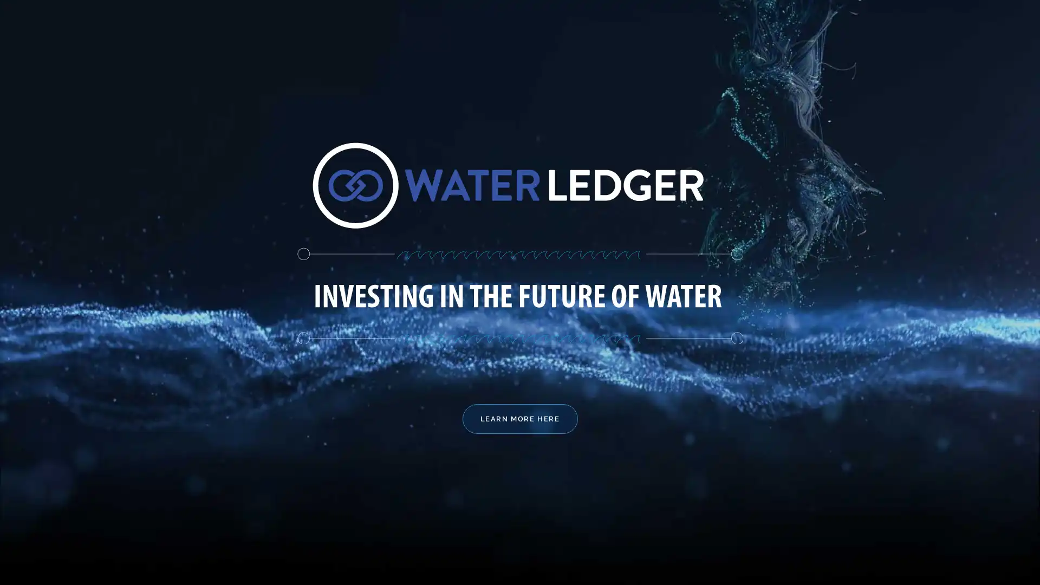  Describe the element at coordinates (519, 418) in the screenshot. I see `LEARN MORE HERE` at that location.